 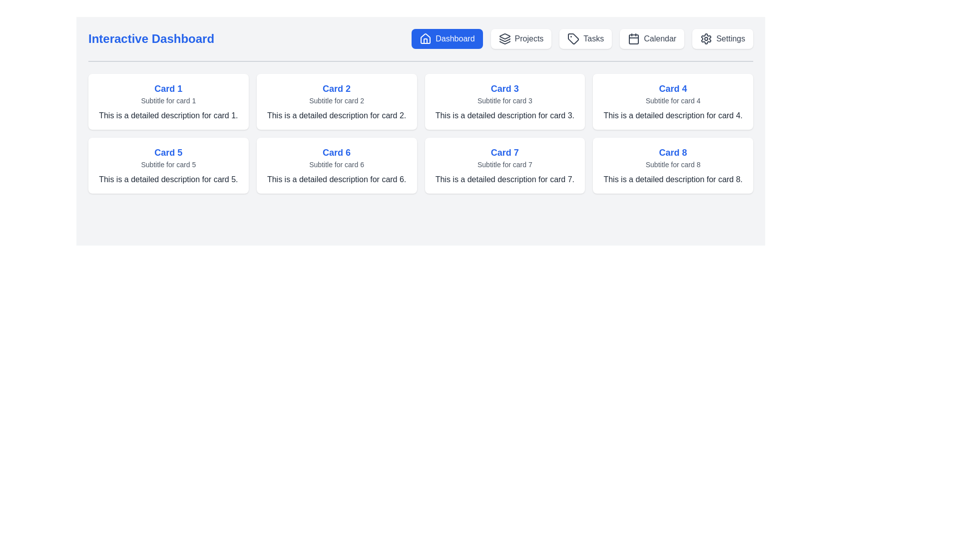 I want to click on the text label that serves as the title for 'Card 8', which is positioned in the first row, fourth column of the card grid layout, so click(x=673, y=152).